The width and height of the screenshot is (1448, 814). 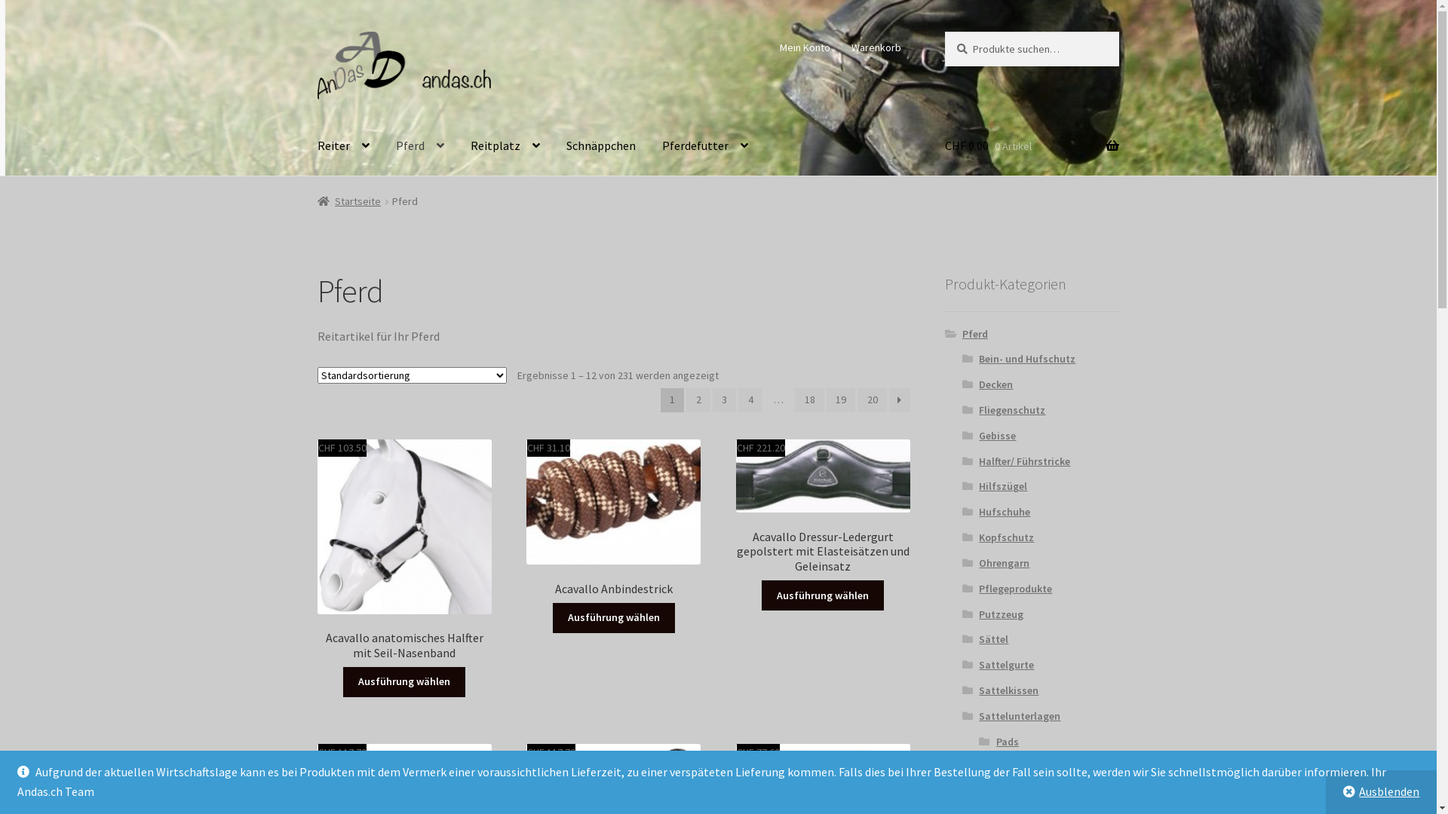 What do you see at coordinates (1006, 664) in the screenshot?
I see `'Sattelgurte'` at bounding box center [1006, 664].